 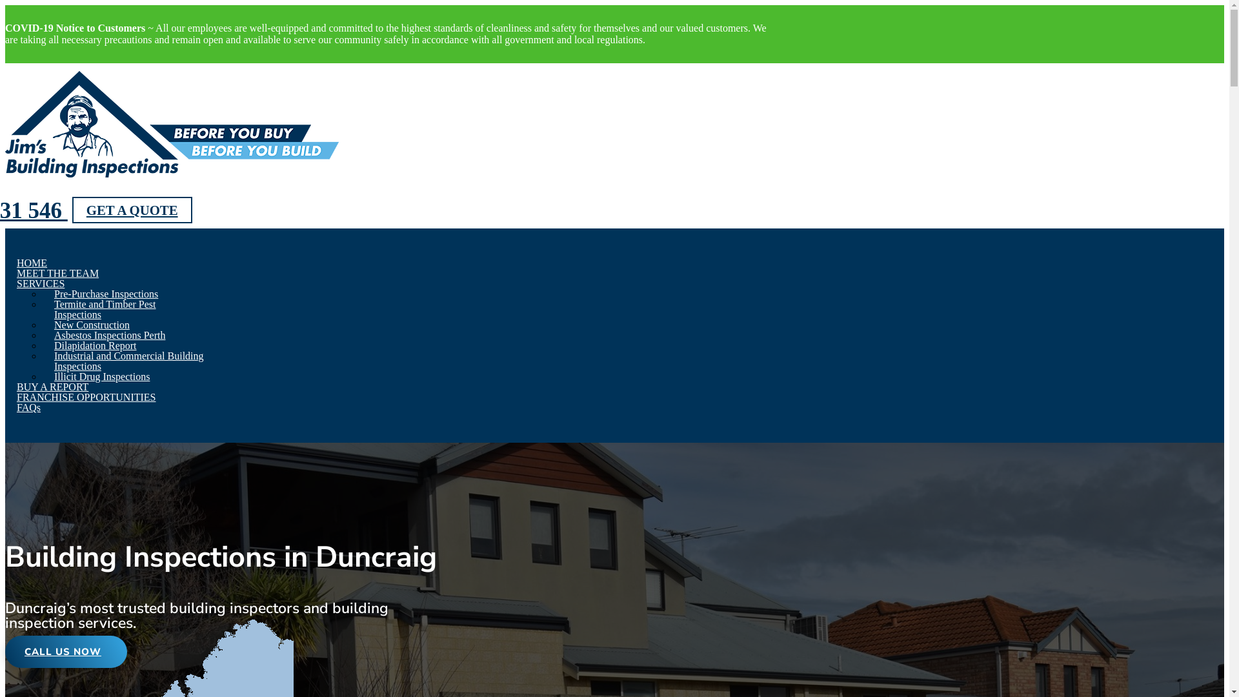 I want to click on 'MEET THE TEAM', so click(x=16, y=272).